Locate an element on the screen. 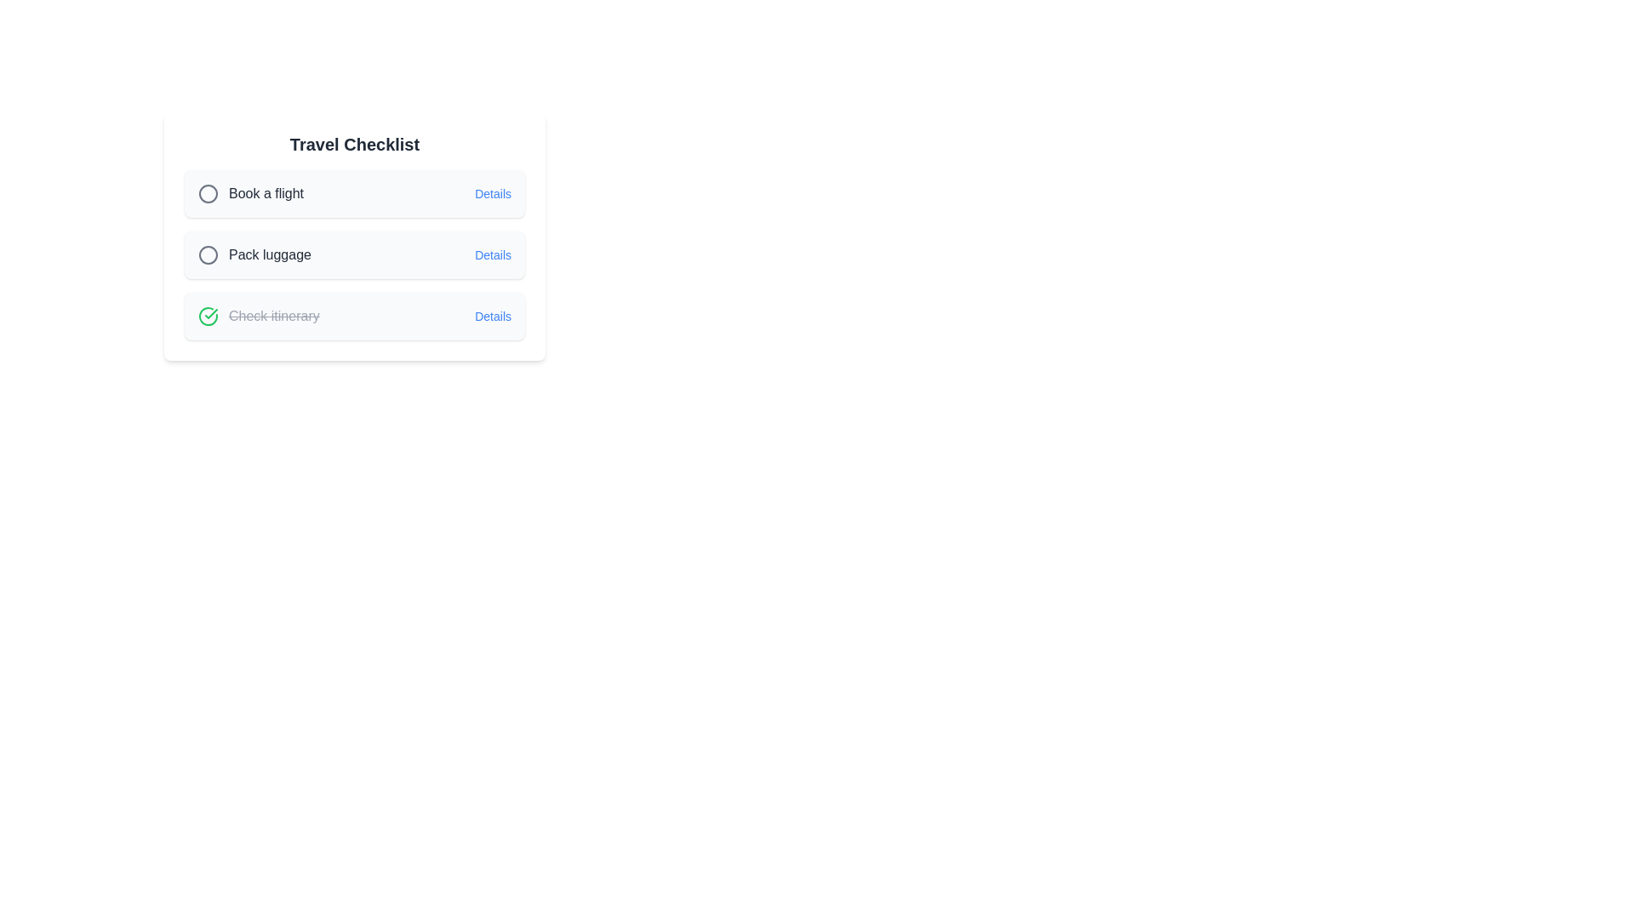 The image size is (1634, 919). the 'Pack luggage' text label with the accompanying circular icon, which is part of the 'Travel Checklist' below the 'Book a flight' entry is located at coordinates (254, 255).